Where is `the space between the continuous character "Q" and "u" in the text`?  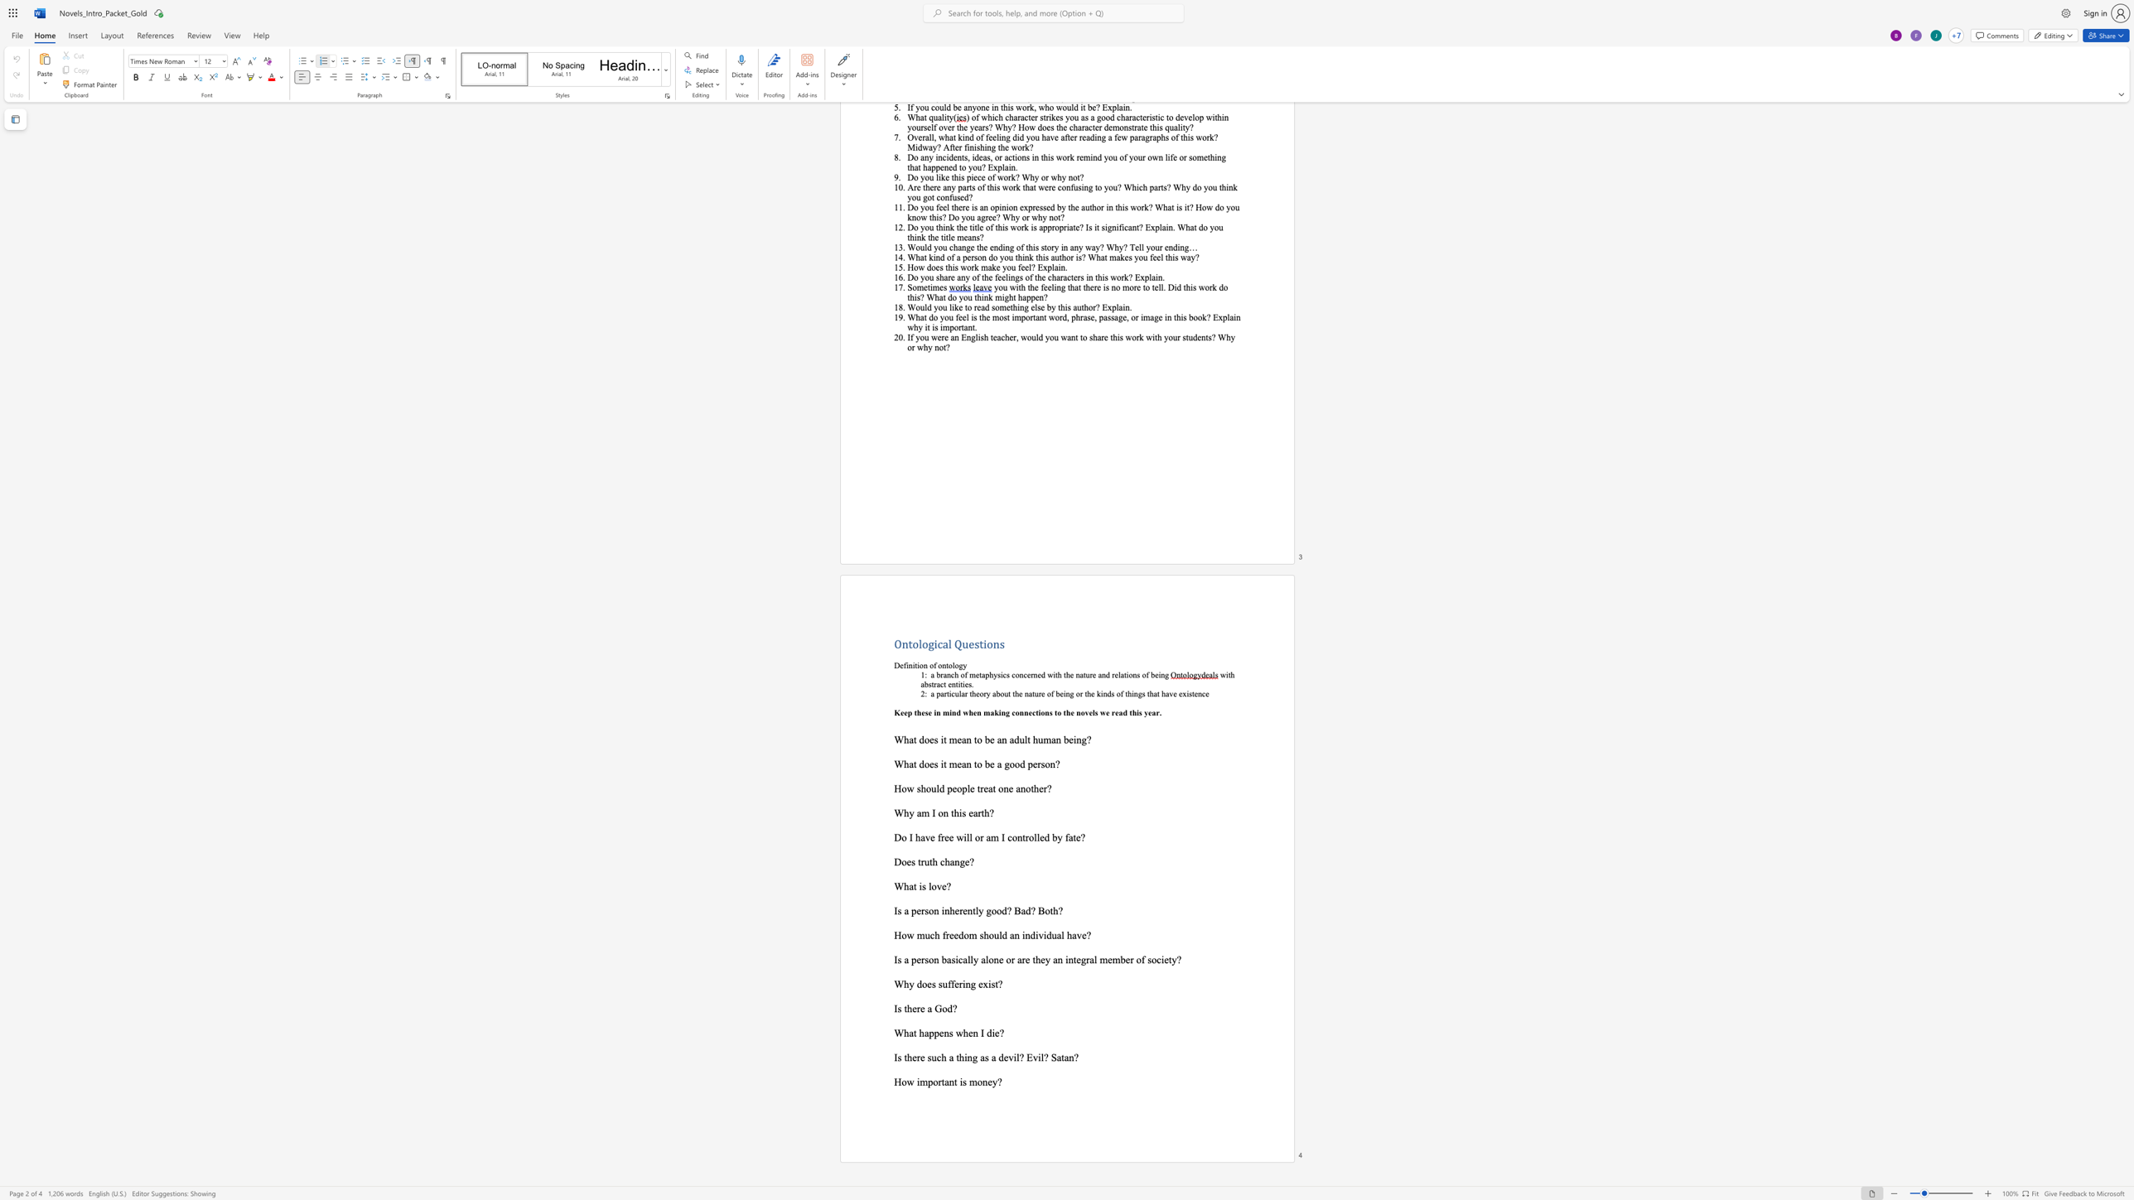 the space between the continuous character "Q" and "u" in the text is located at coordinates (961, 643).